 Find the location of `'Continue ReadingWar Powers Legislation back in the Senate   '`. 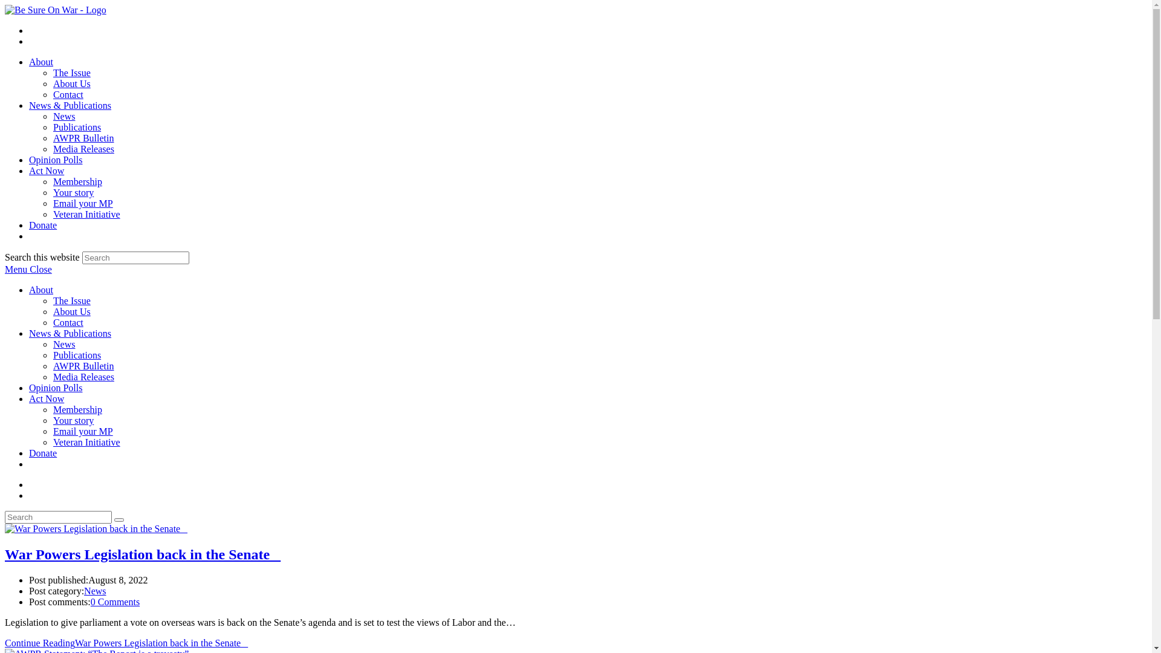

'Continue ReadingWar Powers Legislation back in the Senate   ' is located at coordinates (126, 642).